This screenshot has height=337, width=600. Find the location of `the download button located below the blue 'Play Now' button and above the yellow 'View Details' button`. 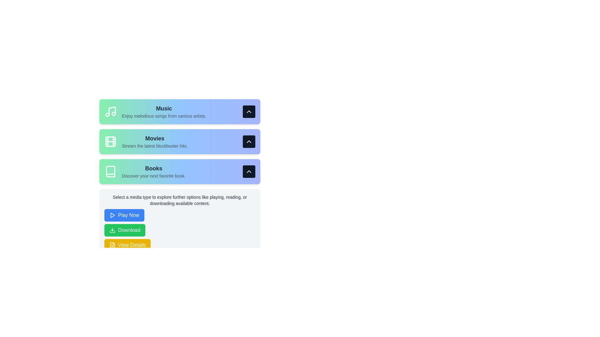

the download button located below the blue 'Play Now' button and above the yellow 'View Details' button is located at coordinates (125, 230).